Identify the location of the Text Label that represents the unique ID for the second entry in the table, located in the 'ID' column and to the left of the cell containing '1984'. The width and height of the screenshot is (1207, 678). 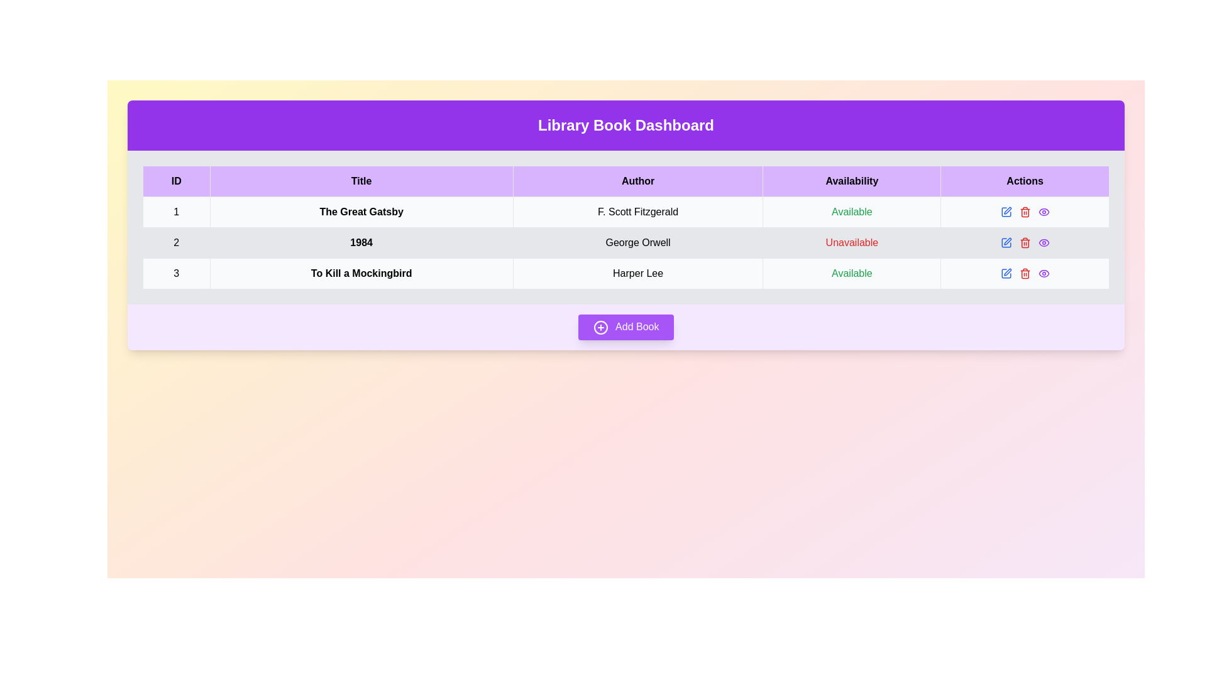
(175, 242).